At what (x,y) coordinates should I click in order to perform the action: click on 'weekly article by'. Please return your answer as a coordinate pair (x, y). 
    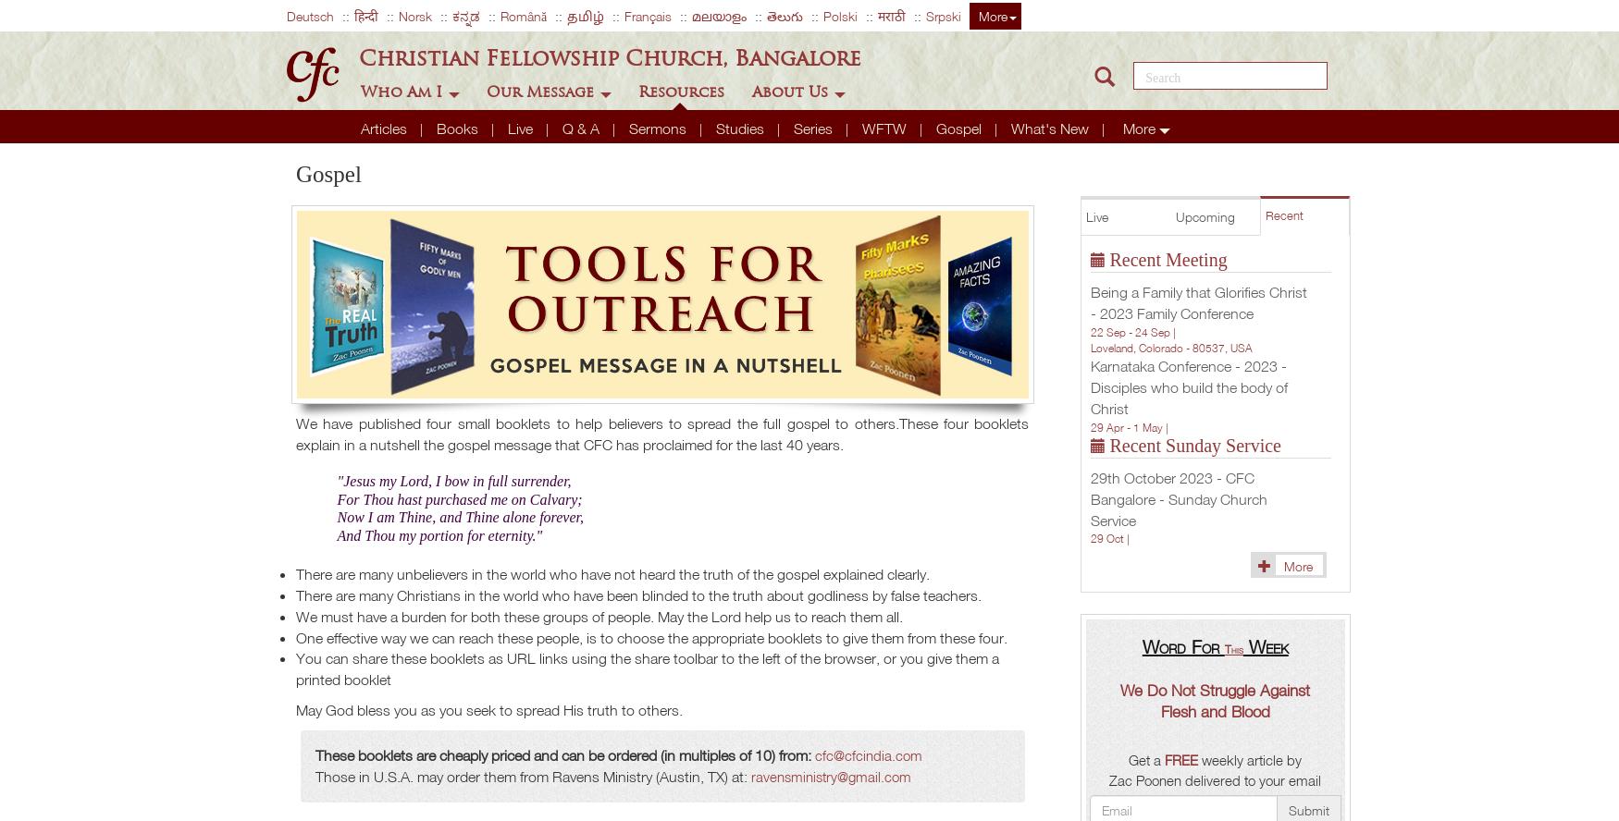
    Looking at the image, I should click on (1250, 760).